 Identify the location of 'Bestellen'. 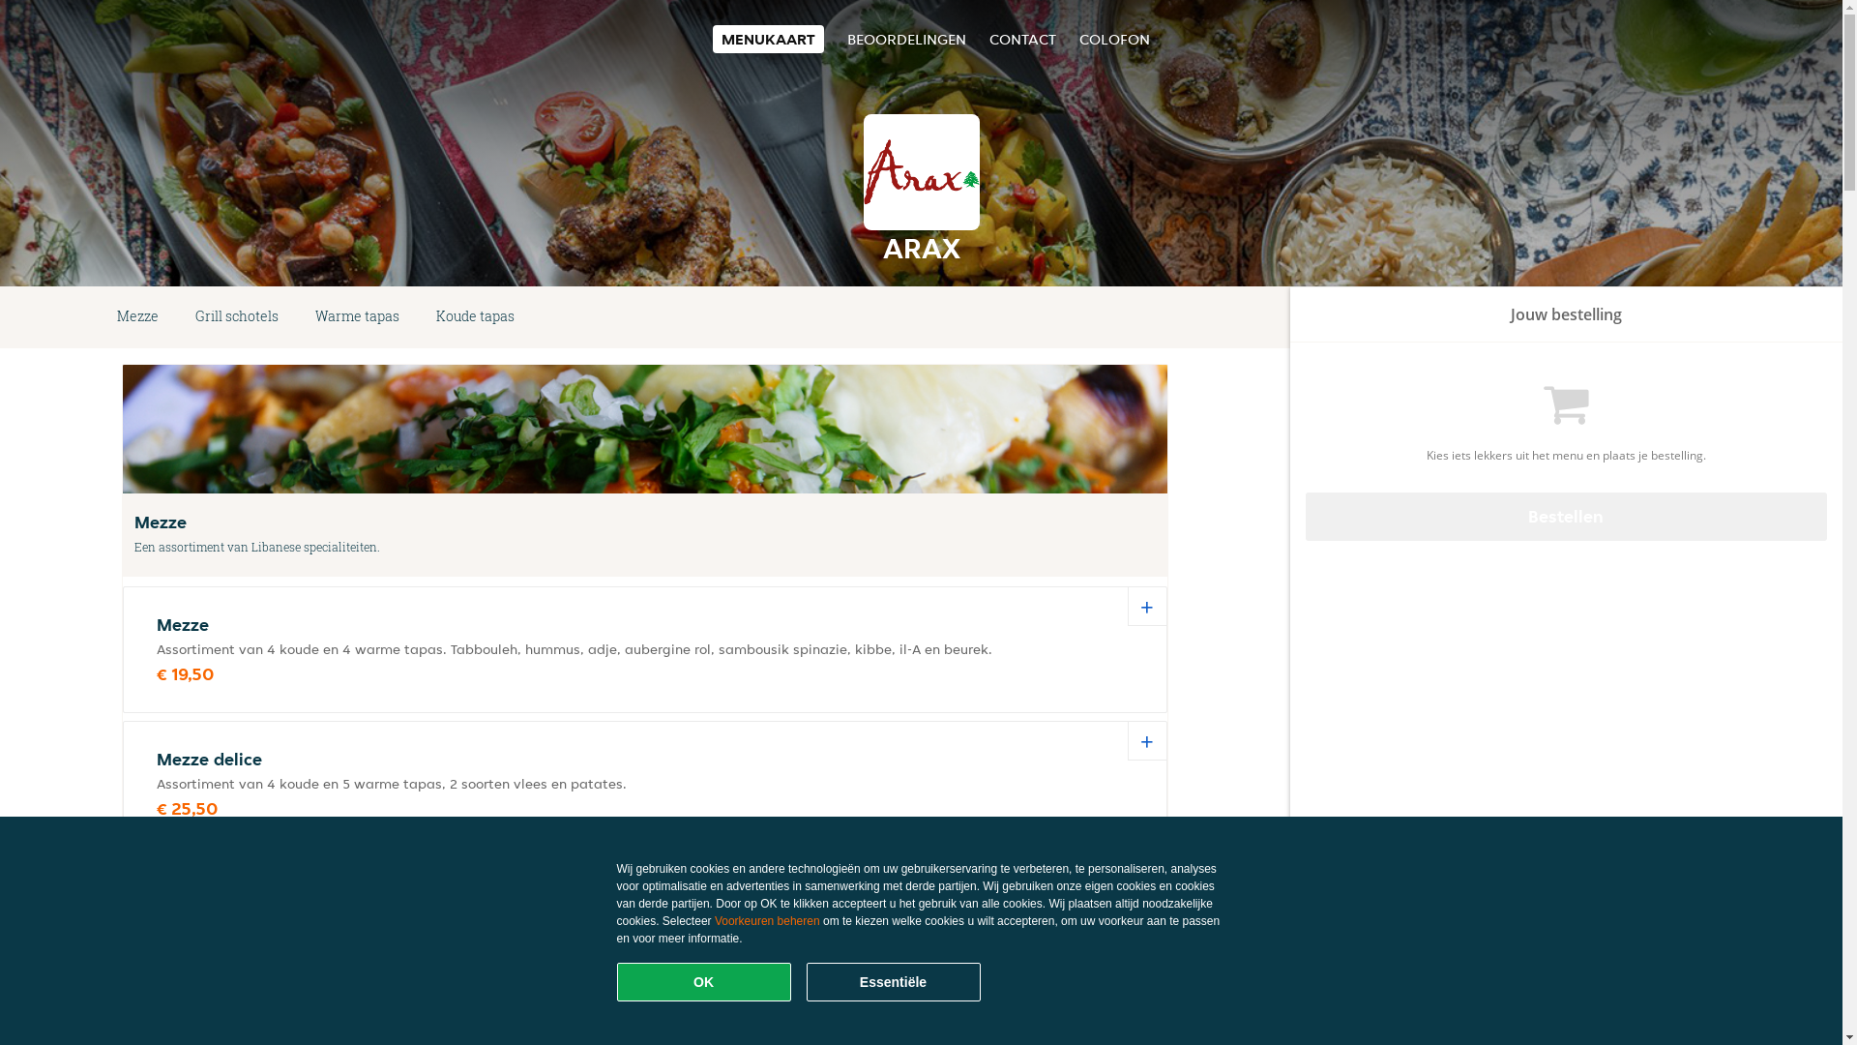
(1567, 515).